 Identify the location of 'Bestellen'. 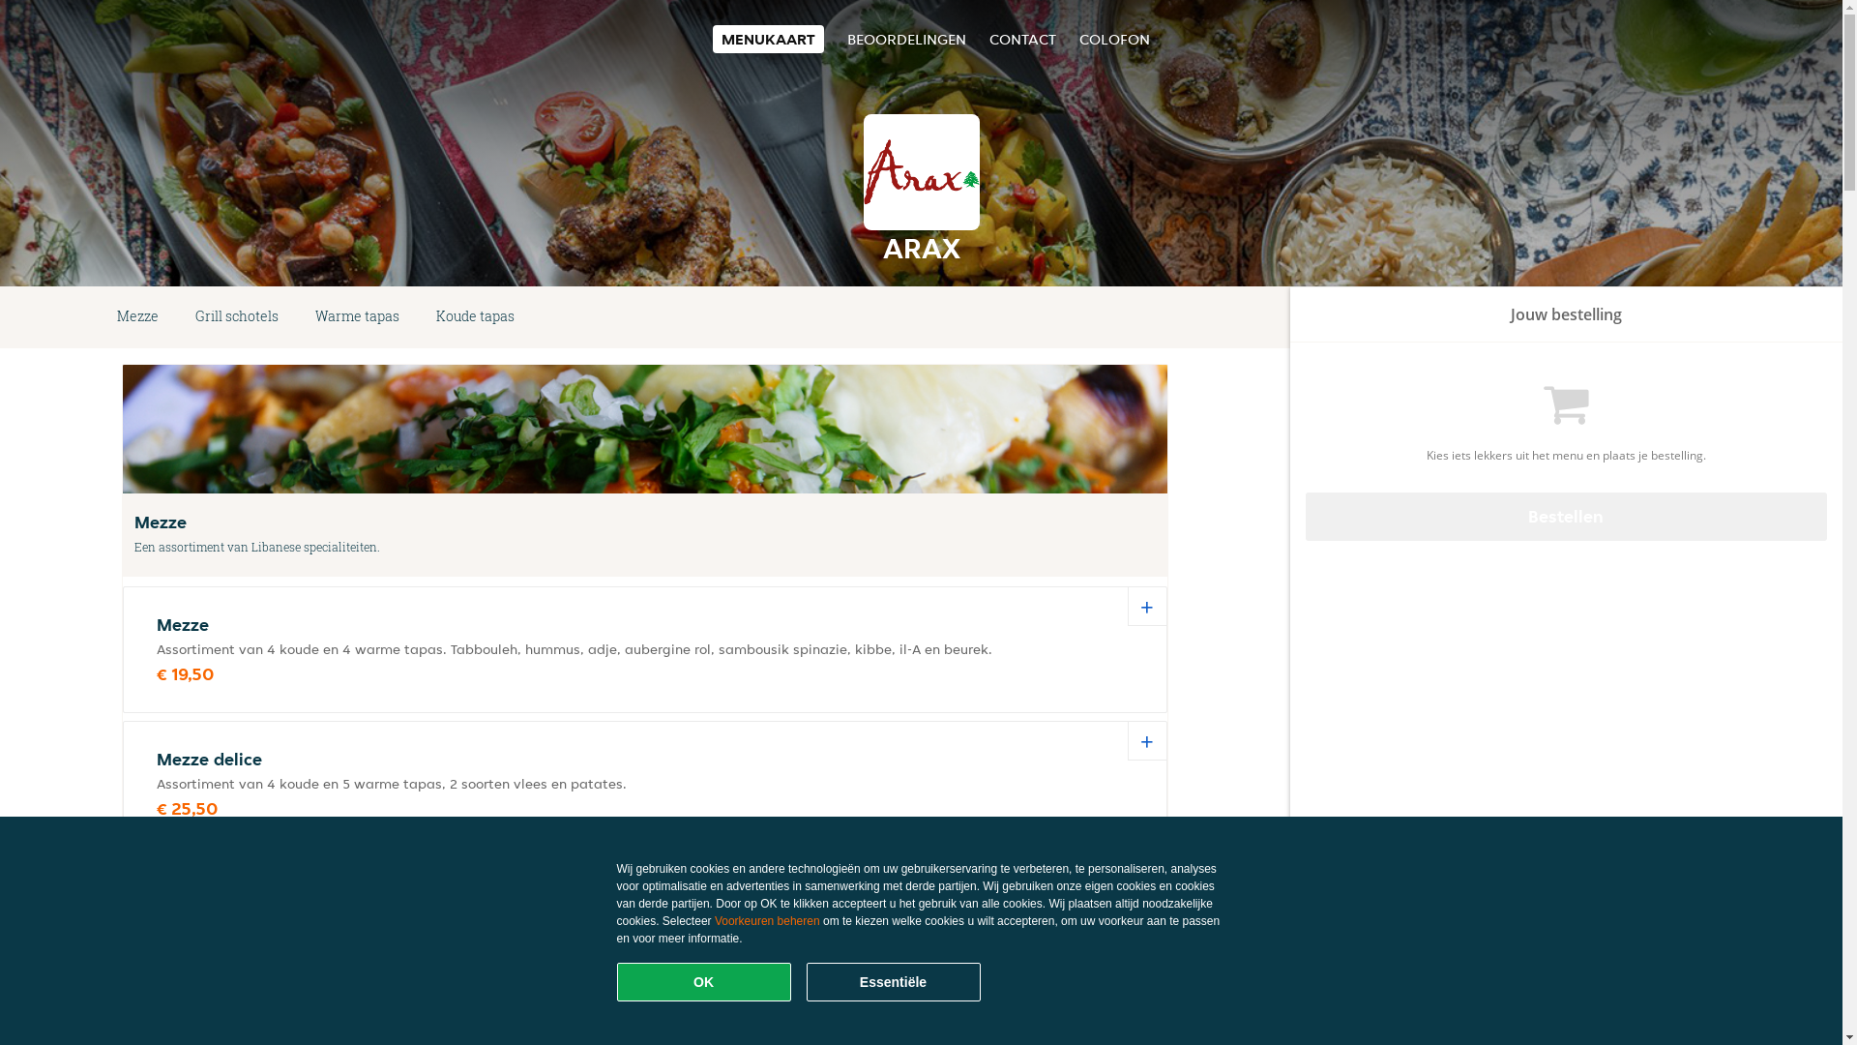
(1567, 515).